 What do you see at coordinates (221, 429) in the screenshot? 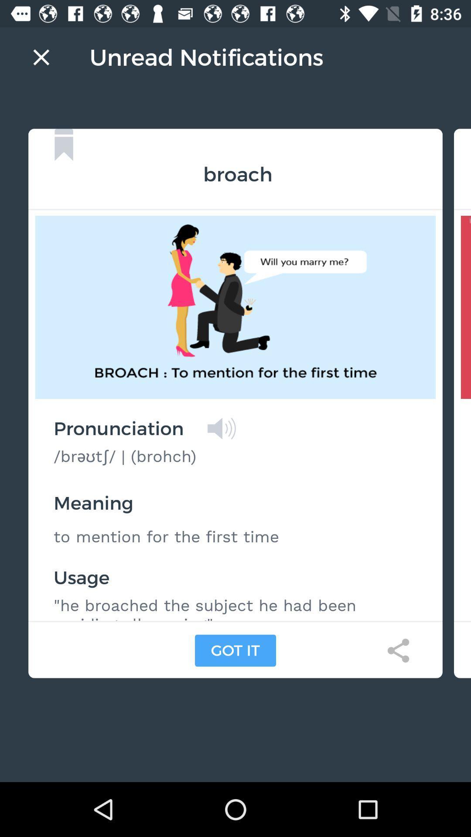
I see `listen to pronunciation` at bounding box center [221, 429].